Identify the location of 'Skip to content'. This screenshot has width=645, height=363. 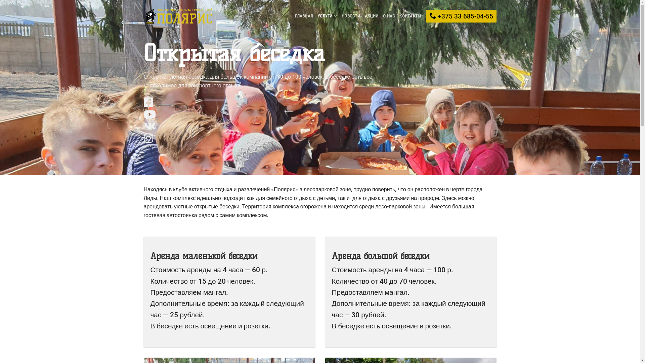
(0, 0).